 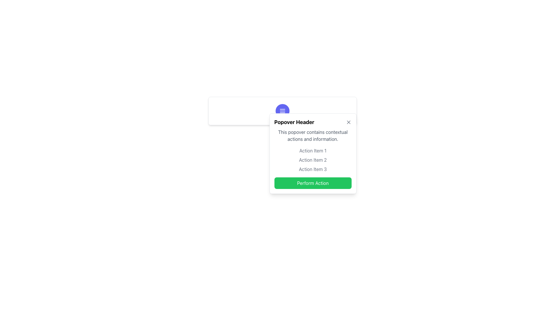 What do you see at coordinates (312, 135) in the screenshot?
I see `the text segment saying 'This popover contains contextual actions and information.' which is styled in gray color and is located directly below the 'Popover Header' in the popover` at bounding box center [312, 135].